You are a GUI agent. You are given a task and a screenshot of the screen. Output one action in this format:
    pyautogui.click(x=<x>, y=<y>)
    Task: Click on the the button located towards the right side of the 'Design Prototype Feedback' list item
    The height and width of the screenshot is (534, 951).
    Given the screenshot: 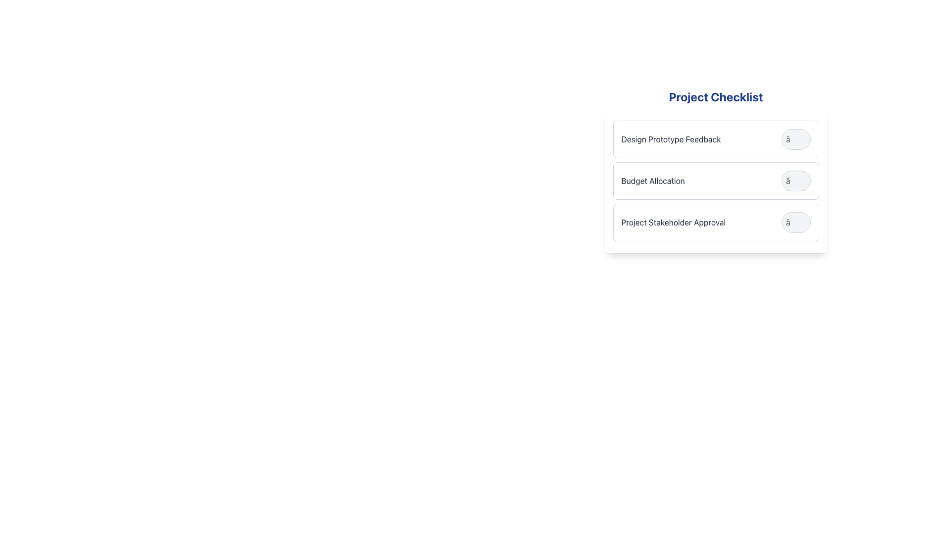 What is the action you would take?
    pyautogui.click(x=796, y=139)
    